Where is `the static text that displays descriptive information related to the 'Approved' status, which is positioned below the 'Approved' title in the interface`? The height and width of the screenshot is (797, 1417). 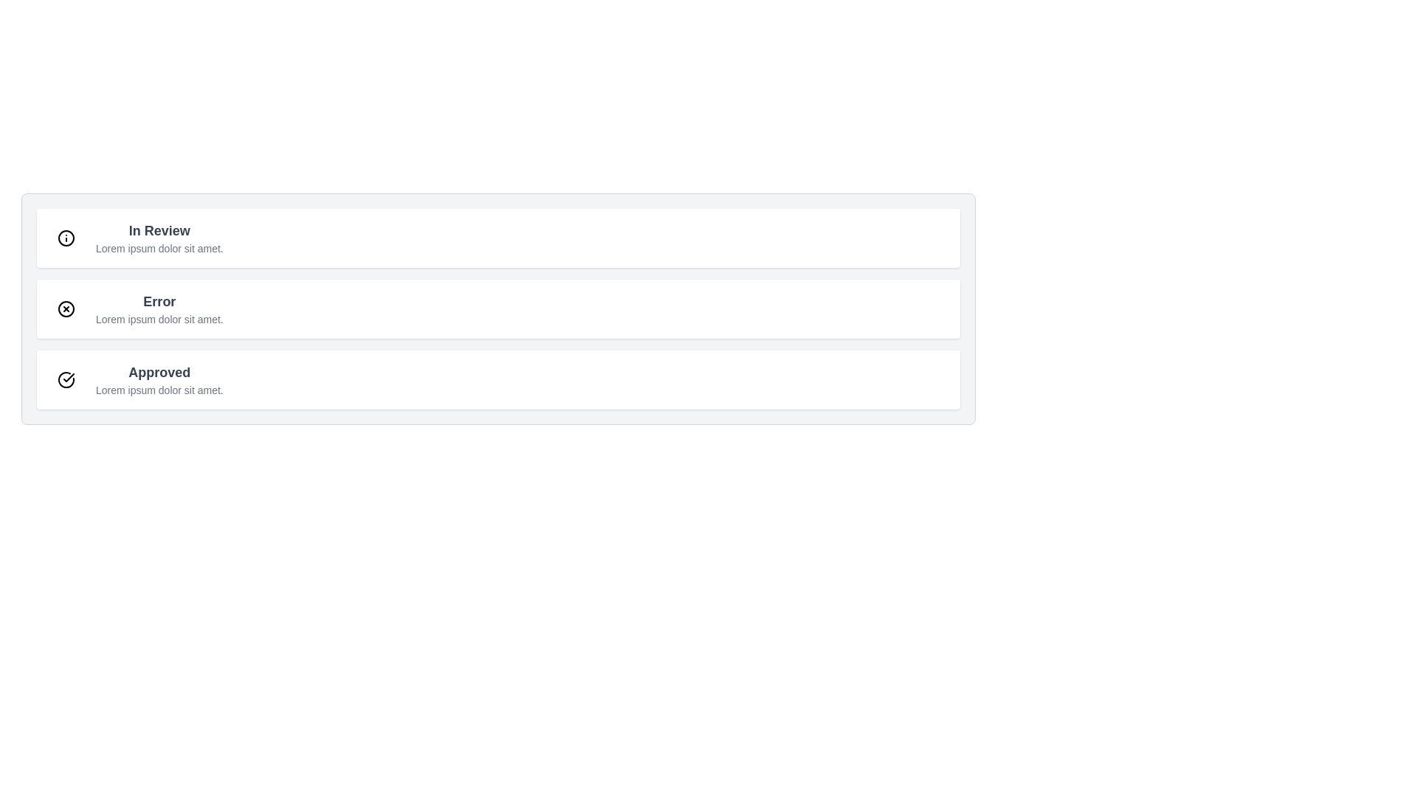
the static text that displays descriptive information related to the 'Approved' status, which is positioned below the 'Approved' title in the interface is located at coordinates (159, 389).